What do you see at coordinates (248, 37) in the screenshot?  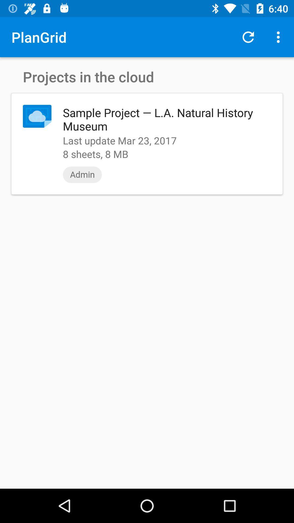 I see `item above sample project l icon` at bounding box center [248, 37].